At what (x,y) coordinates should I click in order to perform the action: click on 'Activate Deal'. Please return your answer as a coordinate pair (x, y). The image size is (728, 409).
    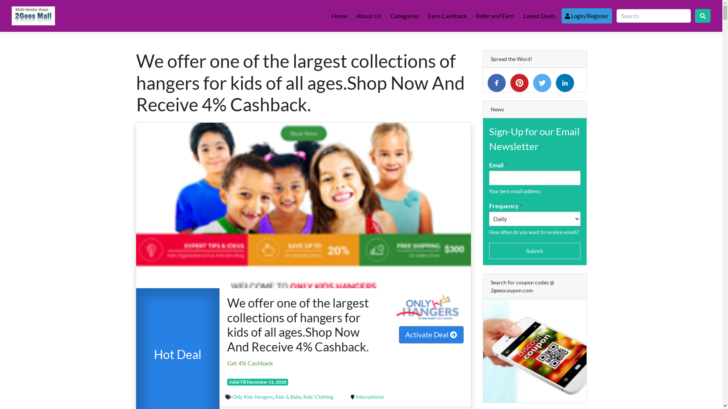
    Looking at the image, I should click on (431, 334).